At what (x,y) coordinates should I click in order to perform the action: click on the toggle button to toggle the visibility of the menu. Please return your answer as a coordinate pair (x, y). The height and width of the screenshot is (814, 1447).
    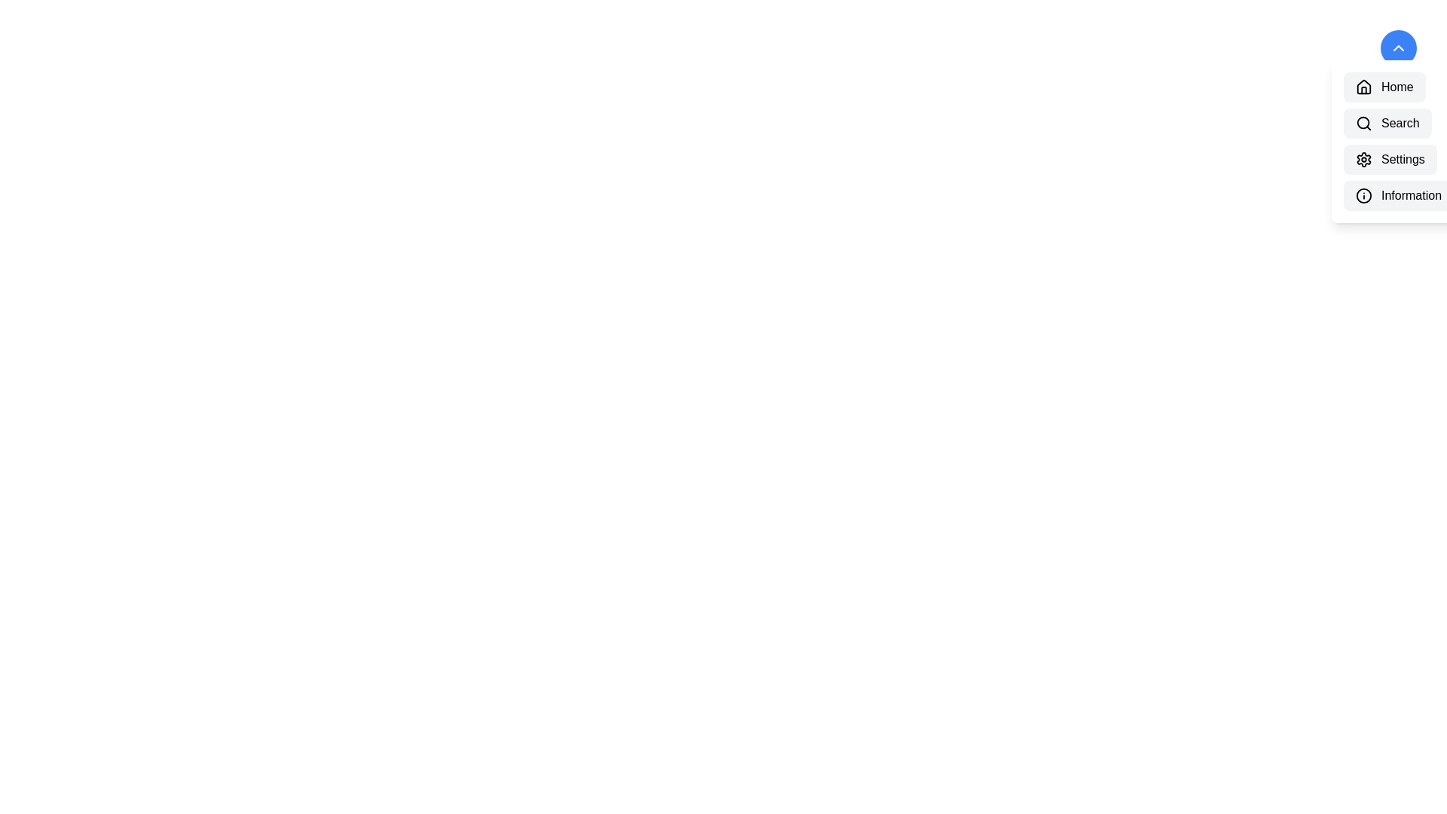
    Looking at the image, I should click on (1398, 47).